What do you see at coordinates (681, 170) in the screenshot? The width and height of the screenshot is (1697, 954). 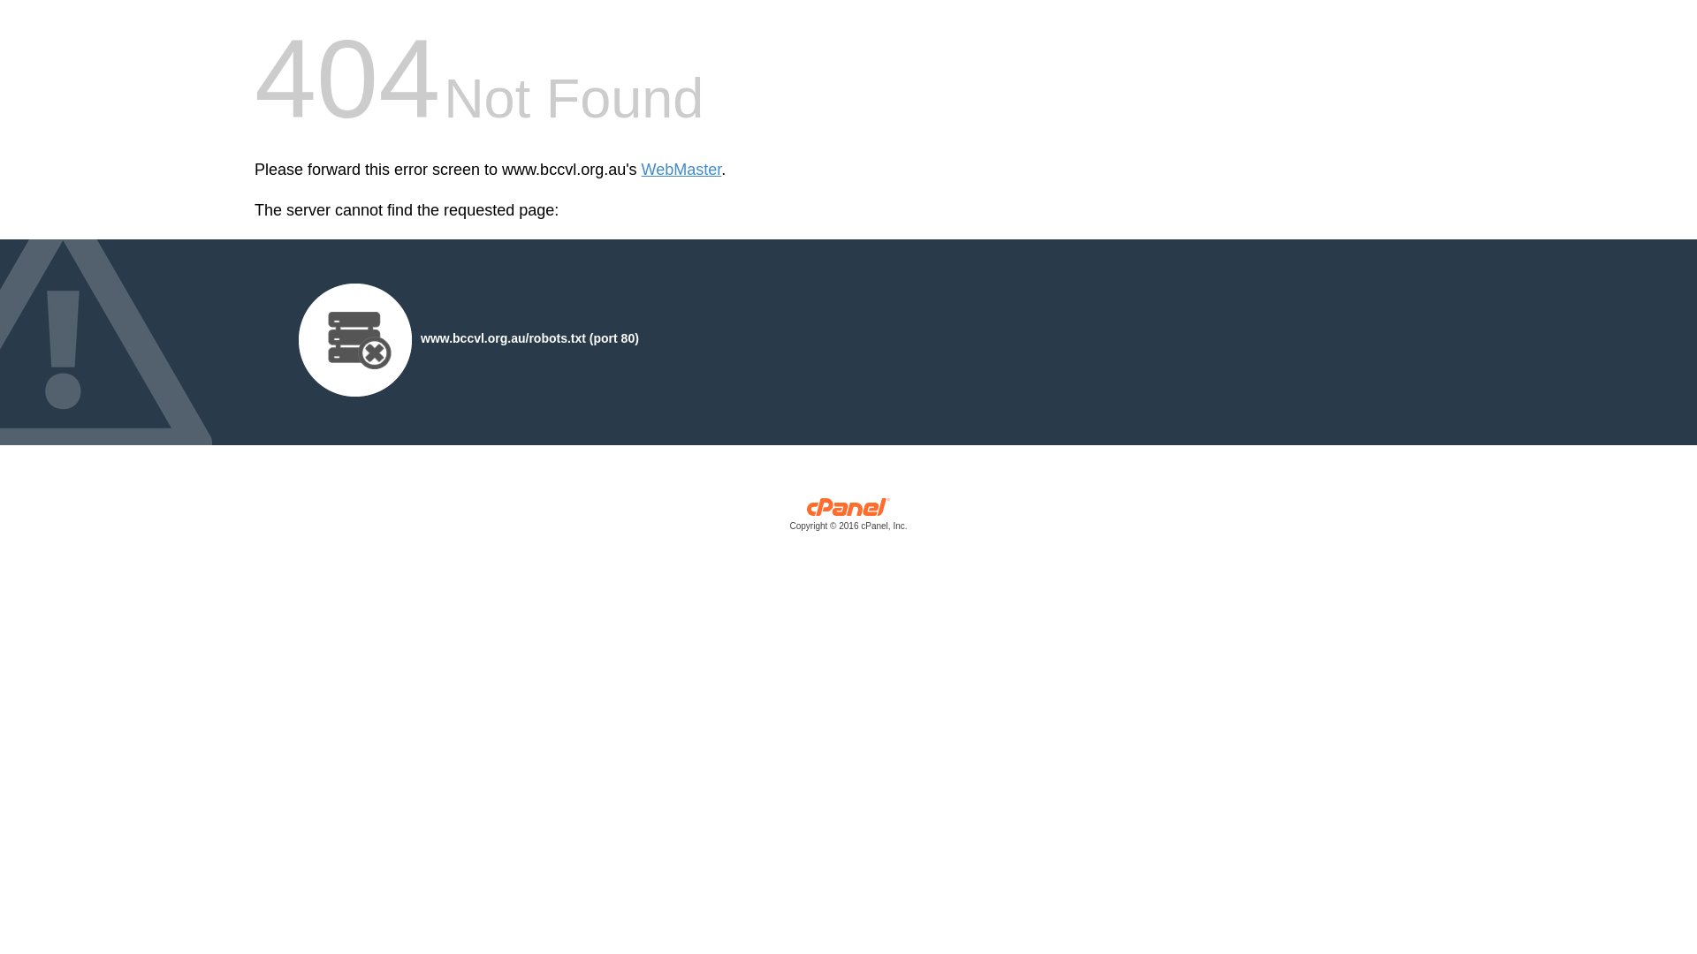 I see `'WebMaster'` at bounding box center [681, 170].